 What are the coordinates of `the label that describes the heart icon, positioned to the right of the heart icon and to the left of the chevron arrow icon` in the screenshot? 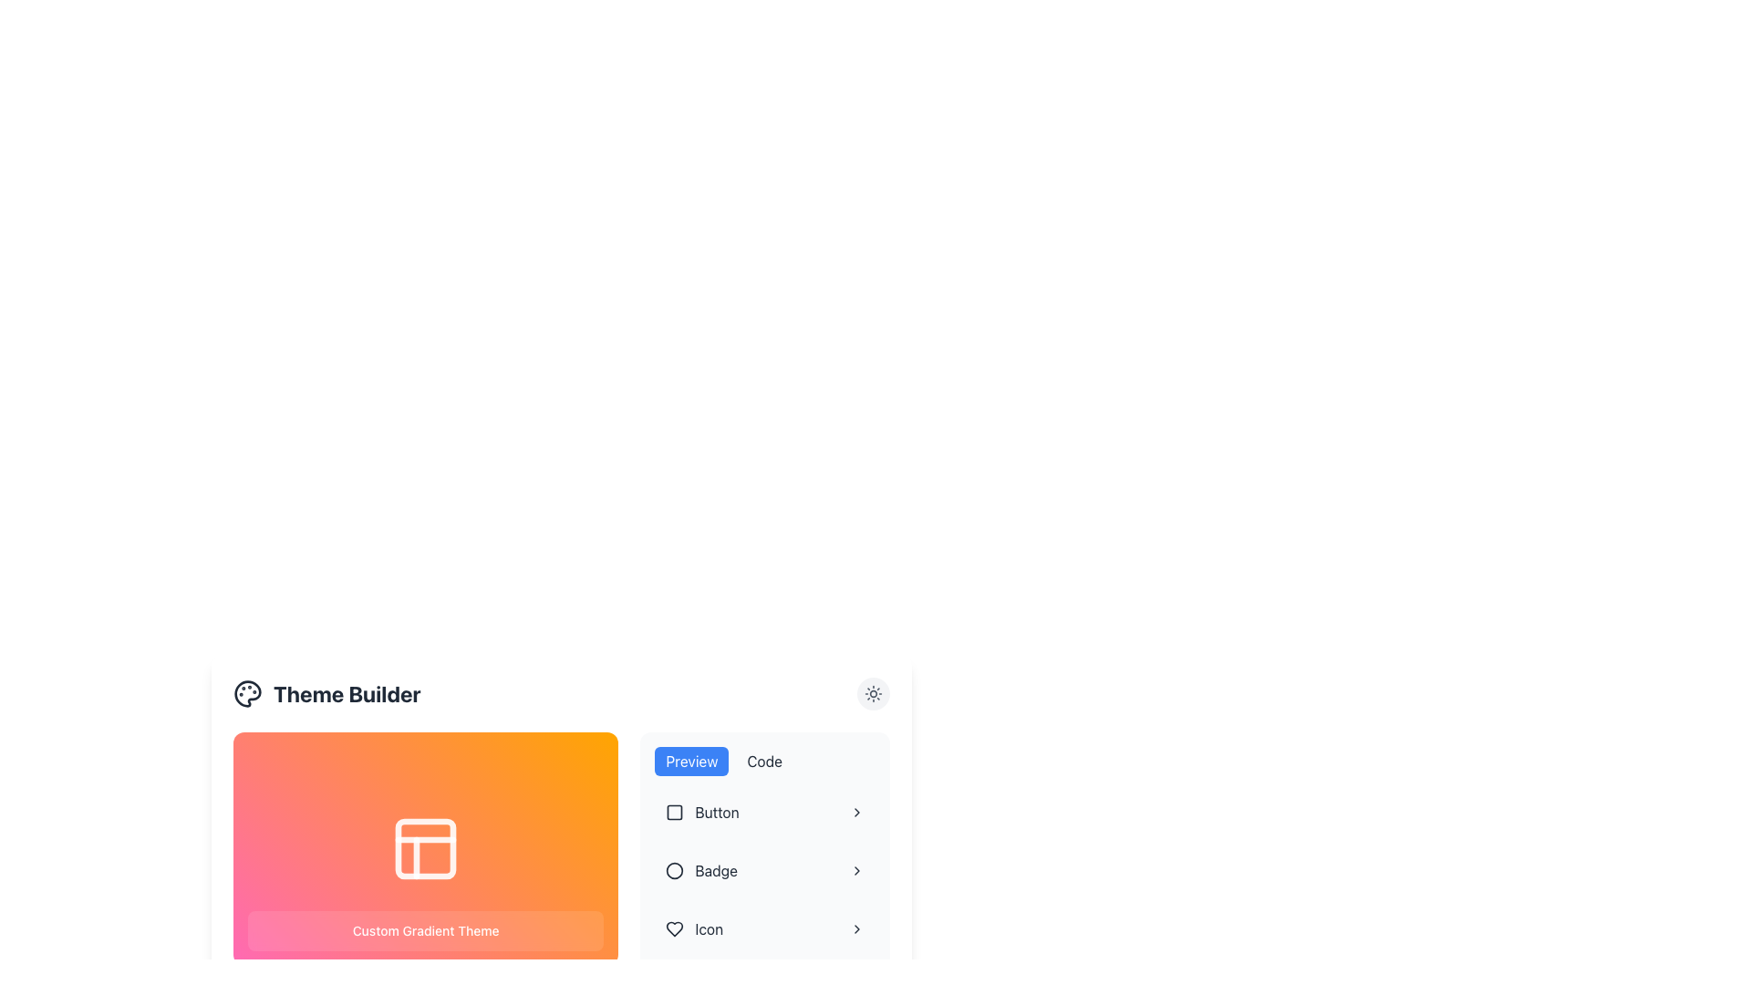 It's located at (708, 928).